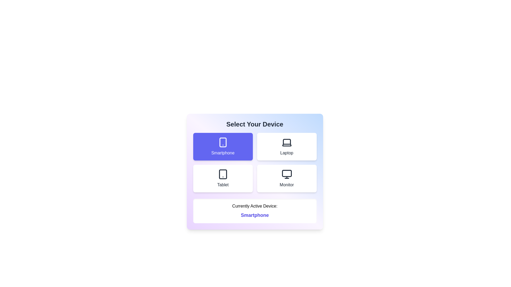 Image resolution: width=511 pixels, height=287 pixels. I want to click on the device Smartphone from the options, so click(223, 146).